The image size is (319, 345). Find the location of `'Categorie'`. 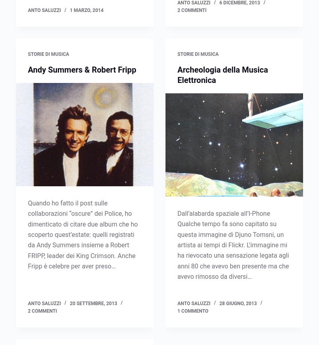

'Categorie' is located at coordinates (30, 126).